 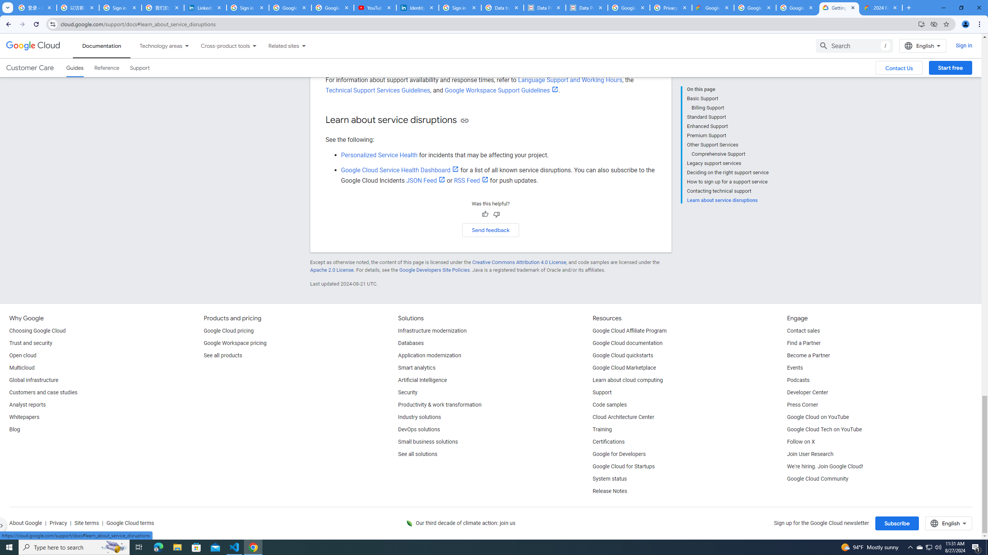 I want to click on 'Blog', so click(x=14, y=429).